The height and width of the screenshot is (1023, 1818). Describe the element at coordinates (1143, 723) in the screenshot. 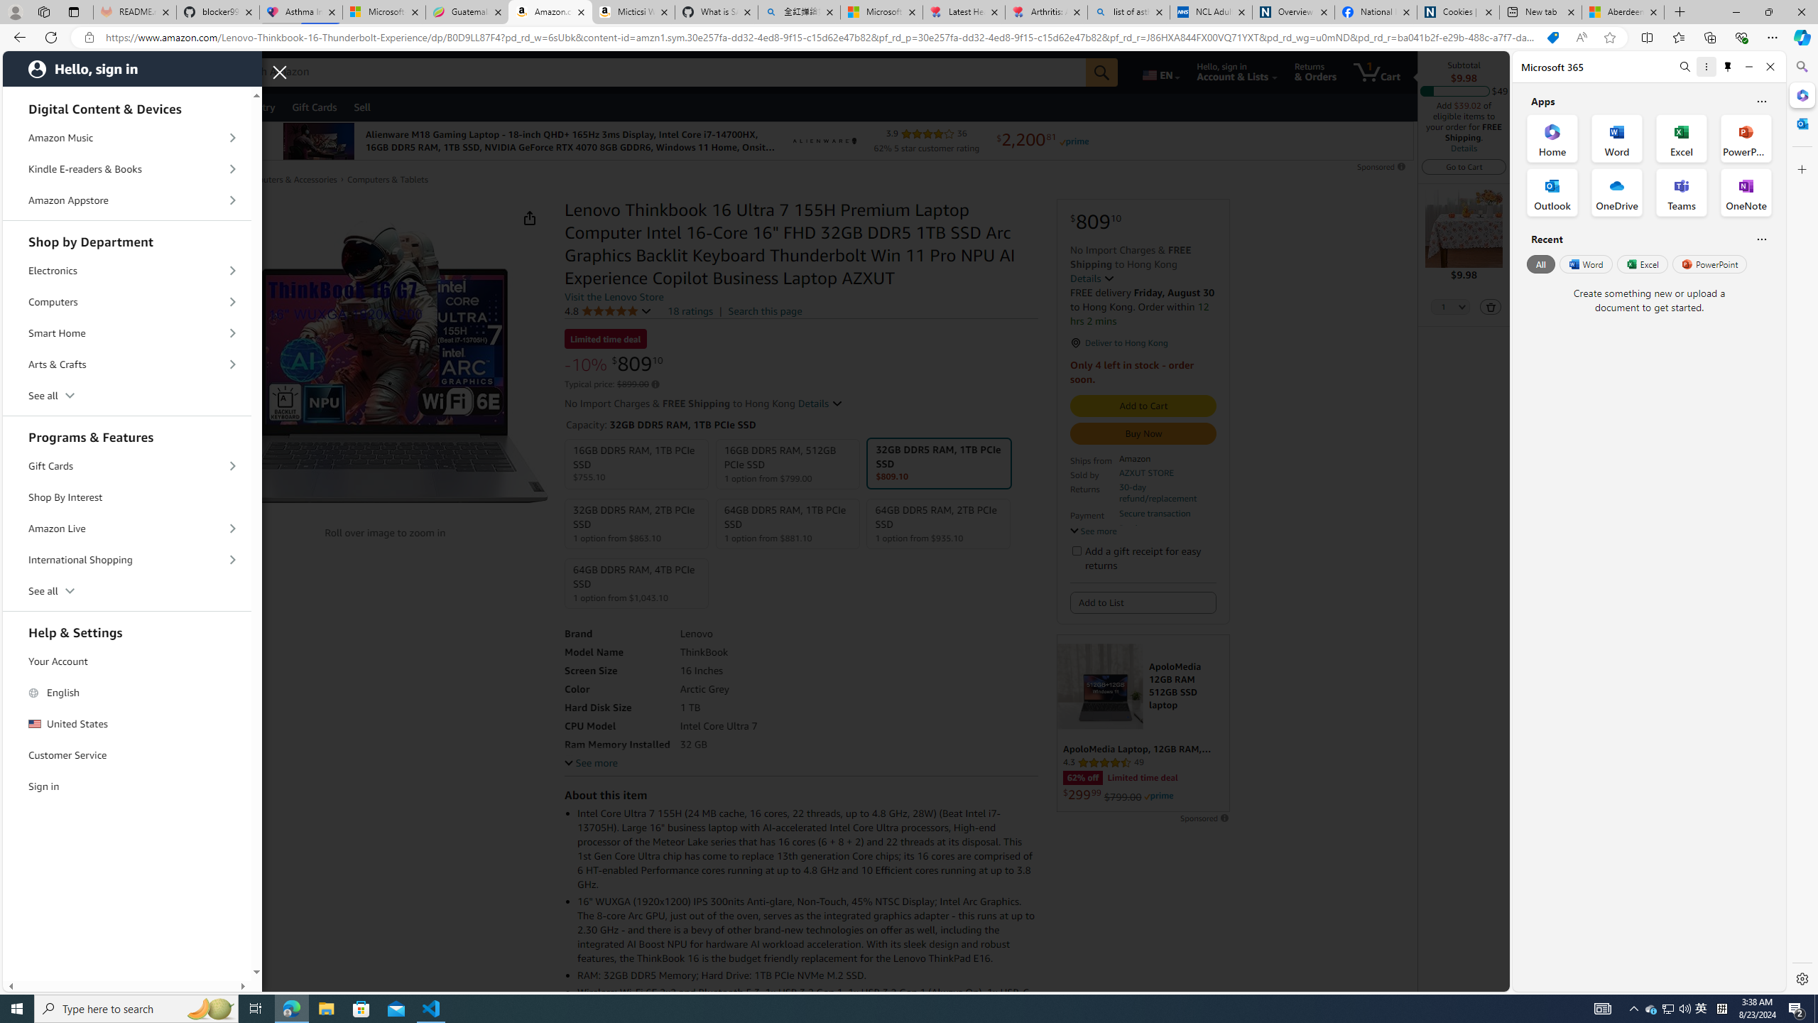

I see `'Sponsored ad'` at that location.